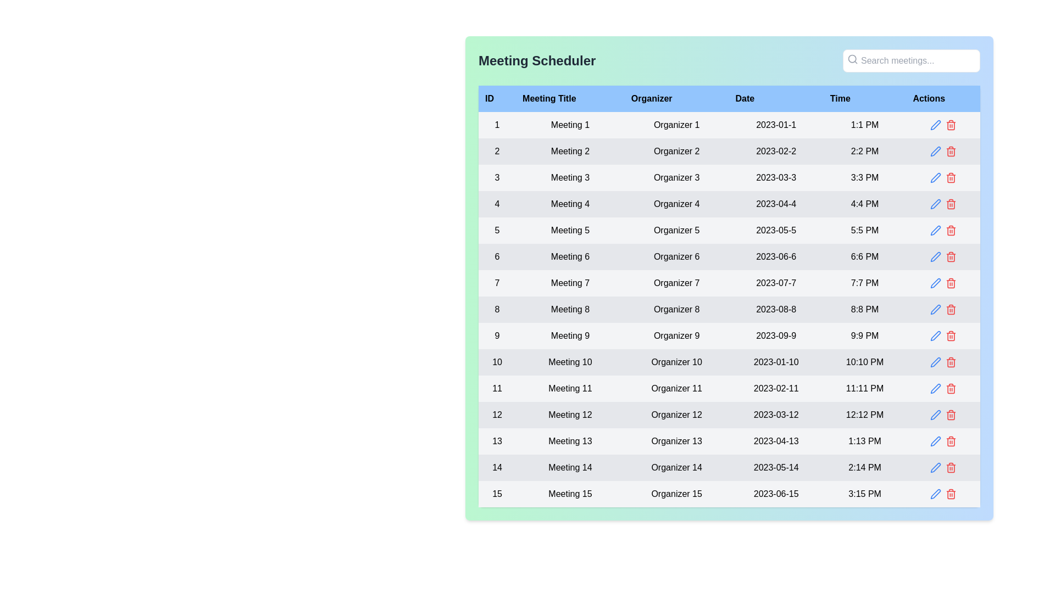 Image resolution: width=1055 pixels, height=593 pixels. I want to click on the search icon, which is a small gray magnifying glass located at the top-left corner of the input field labeled 'Search meetings...', so click(852, 59).